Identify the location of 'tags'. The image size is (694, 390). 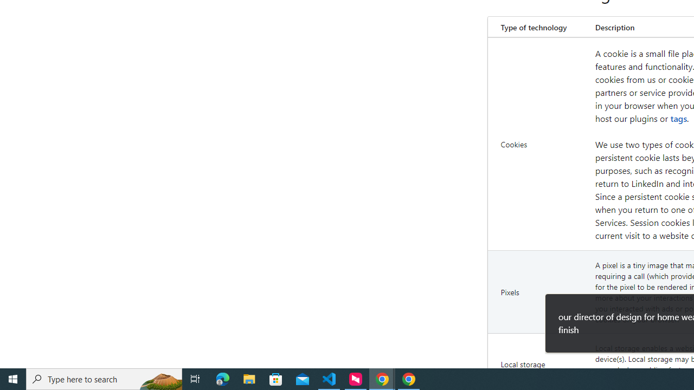
(678, 118).